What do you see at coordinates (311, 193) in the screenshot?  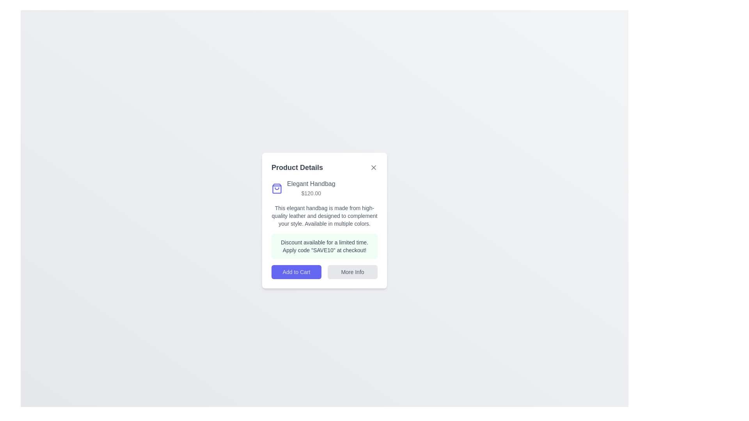 I see `the price text label displaying '$120.00' located below the 'Elegant Handbag' title in the 'Product Details' popup window` at bounding box center [311, 193].